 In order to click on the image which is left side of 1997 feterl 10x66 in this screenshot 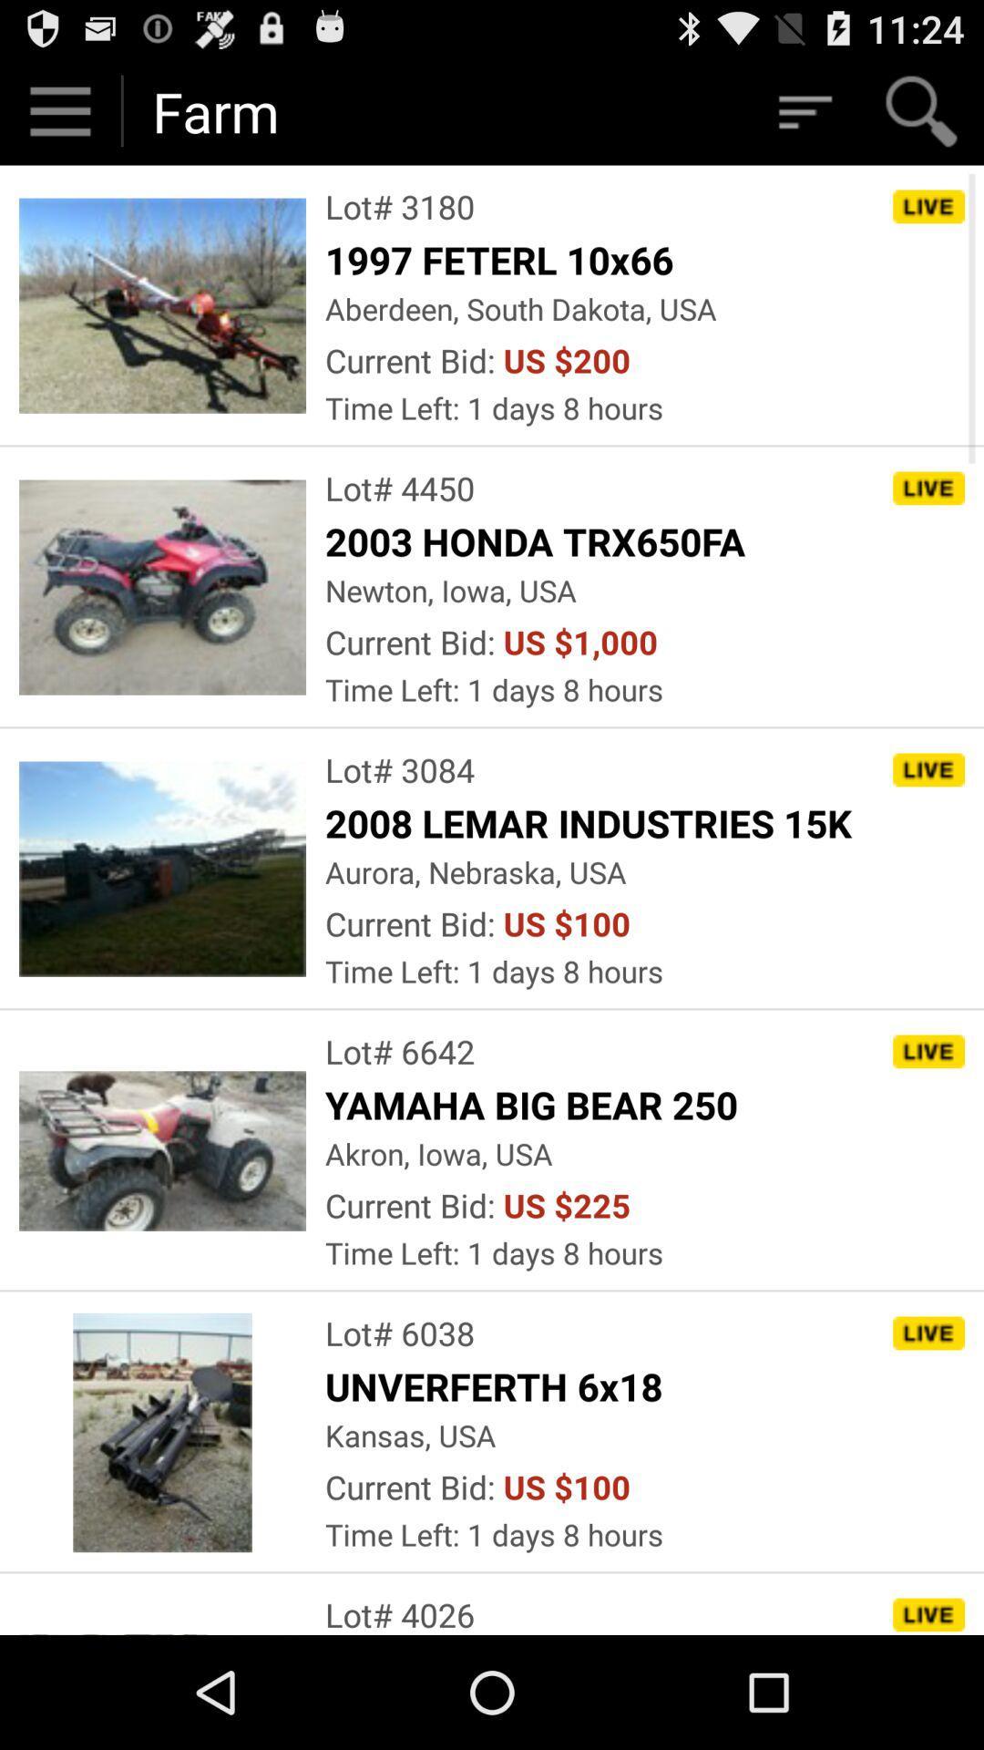, I will do `click(161, 306)`.